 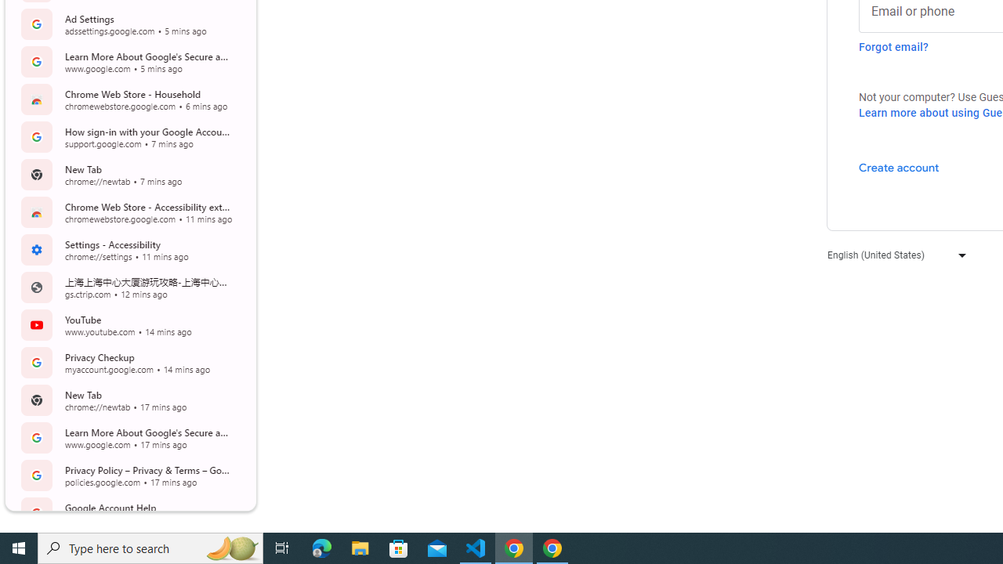 What do you see at coordinates (129, 324) in the screenshot?
I see `'YouTube www.youtube.com 14 mins ago Open Tab'` at bounding box center [129, 324].